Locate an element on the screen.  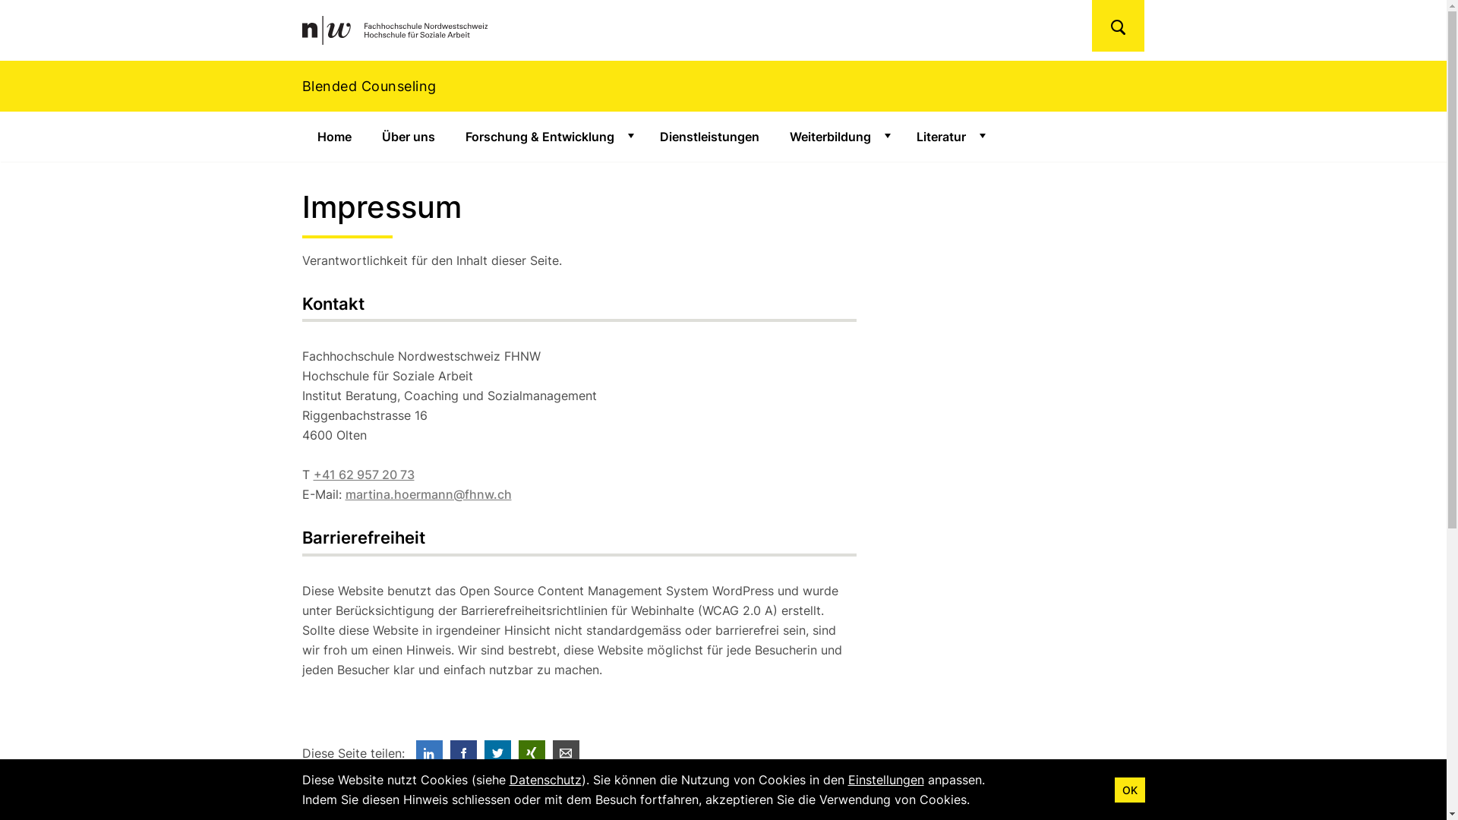
'Suchen' is located at coordinates (1118, 26).